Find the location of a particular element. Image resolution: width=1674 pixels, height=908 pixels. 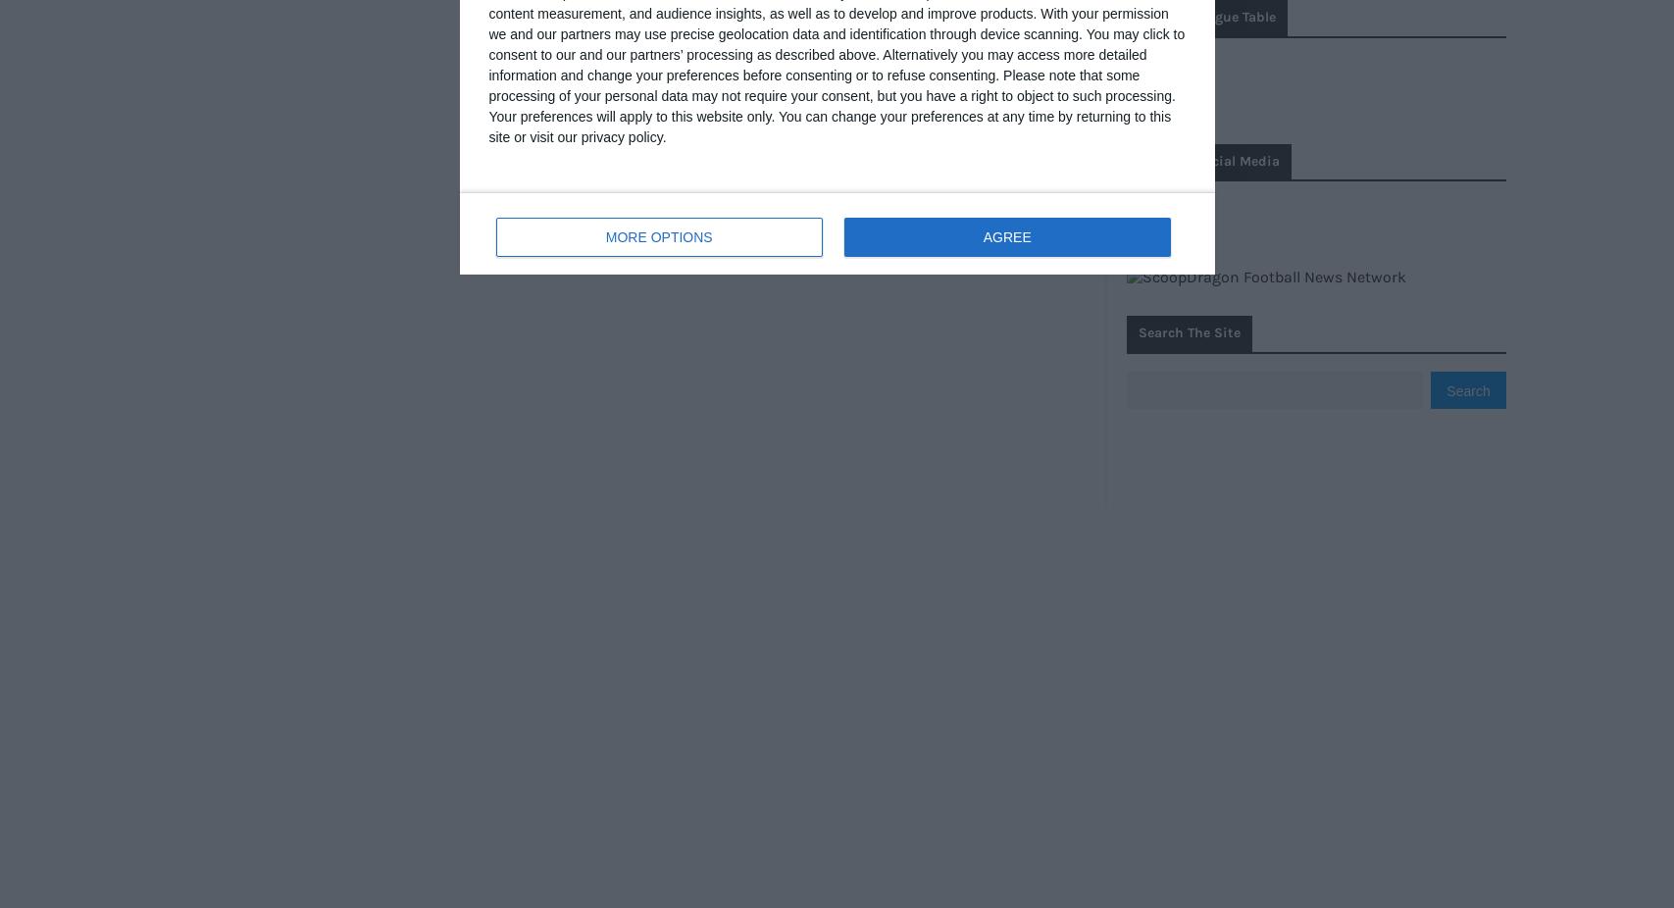

'Many might make a mistake when it comes to remembering in a few months’ time, which formation Pep Guardiola used …' is located at coordinates (807, 412).